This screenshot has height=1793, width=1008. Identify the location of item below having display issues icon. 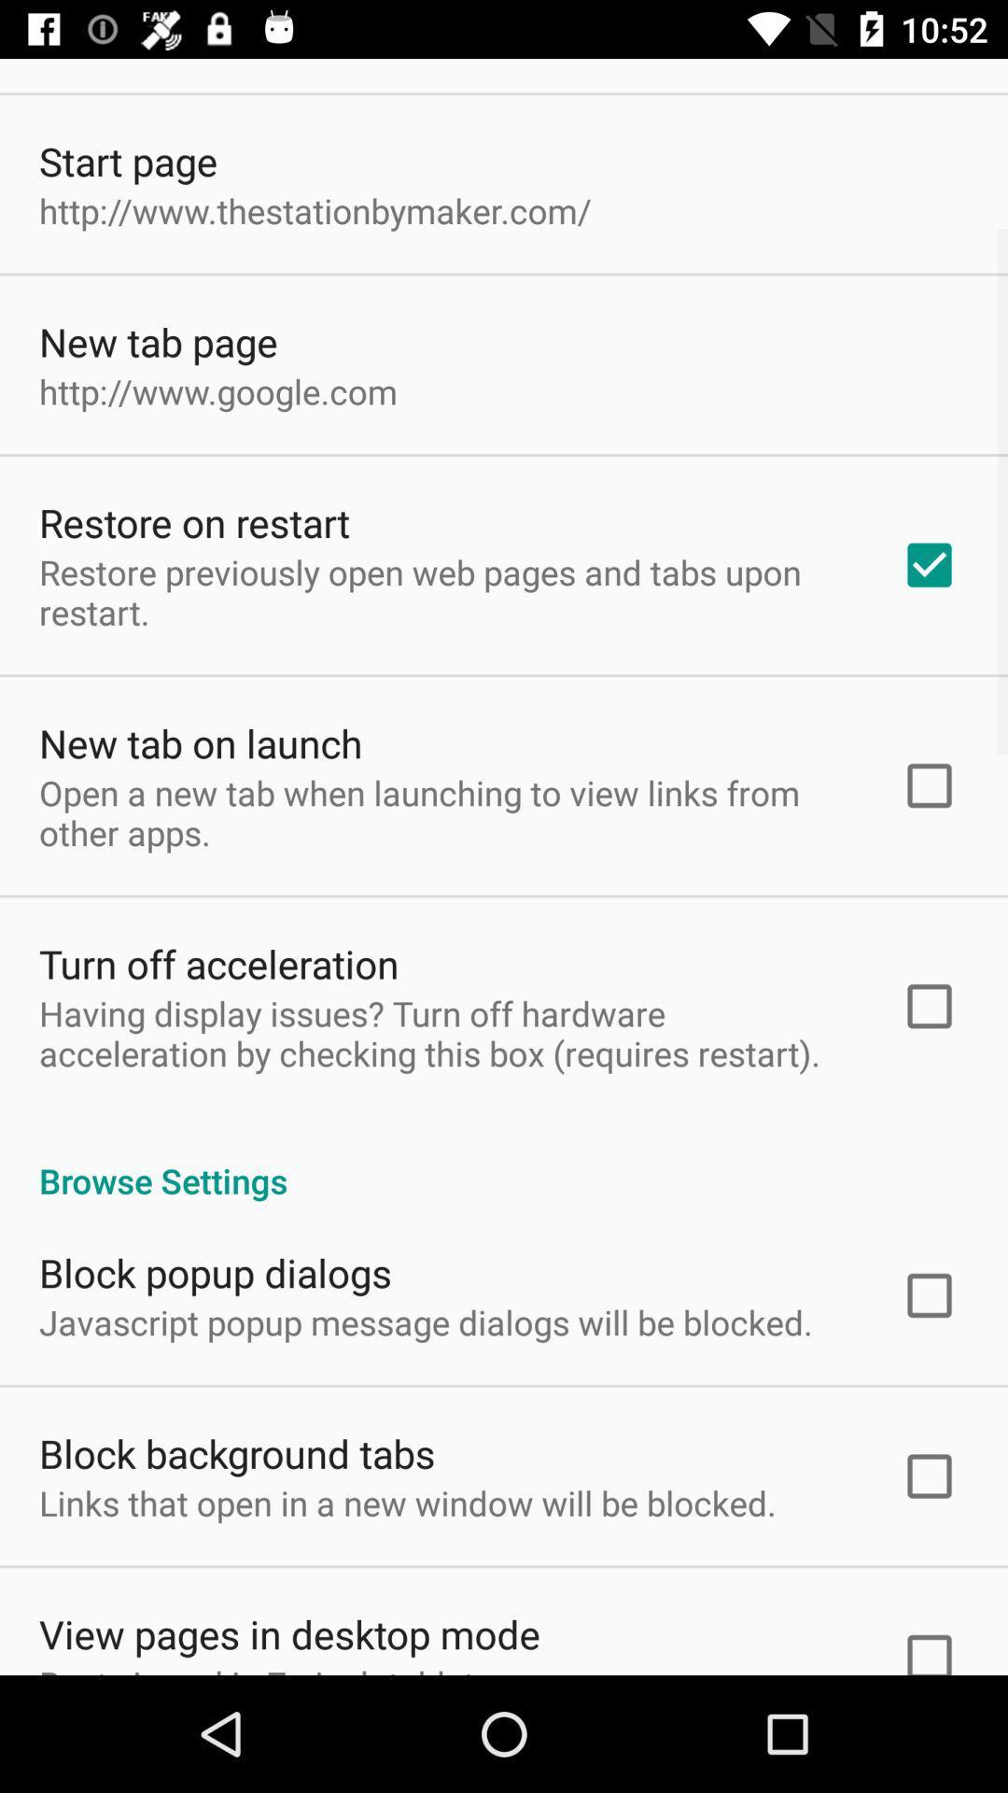
(504, 1160).